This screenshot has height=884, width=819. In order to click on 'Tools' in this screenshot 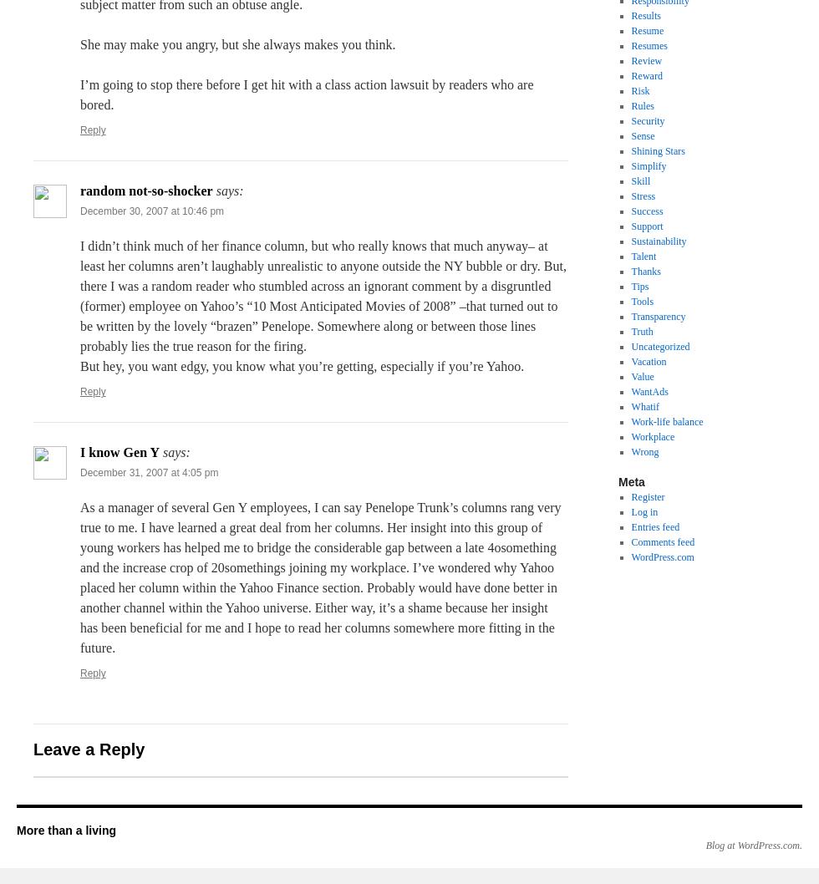, I will do `click(642, 301)`.